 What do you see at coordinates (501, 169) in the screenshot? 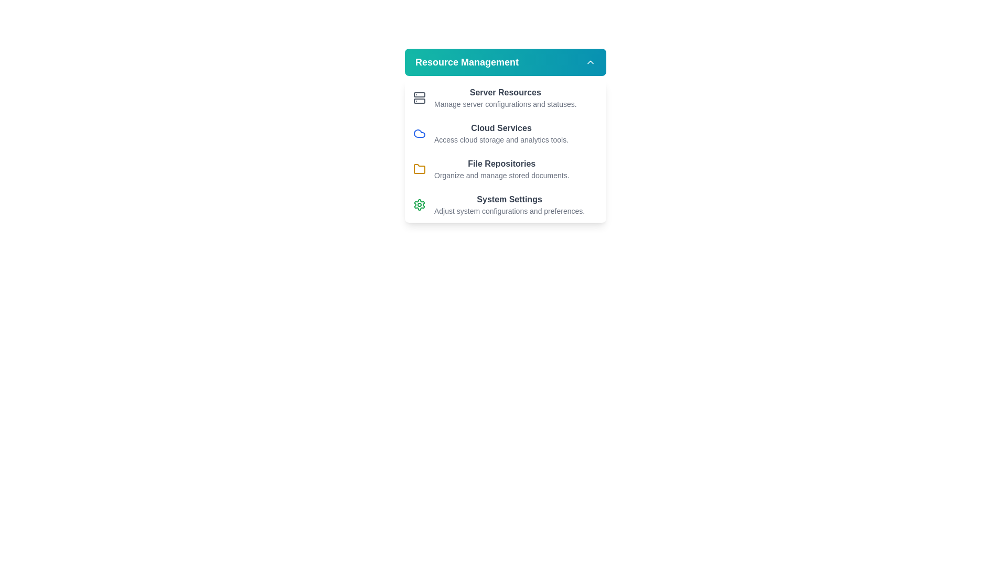
I see `the static text-based navigation option for accessing file repositories located in the 'Resource Management' menu, positioned between 'Cloud Services' and 'System Settings'` at bounding box center [501, 169].